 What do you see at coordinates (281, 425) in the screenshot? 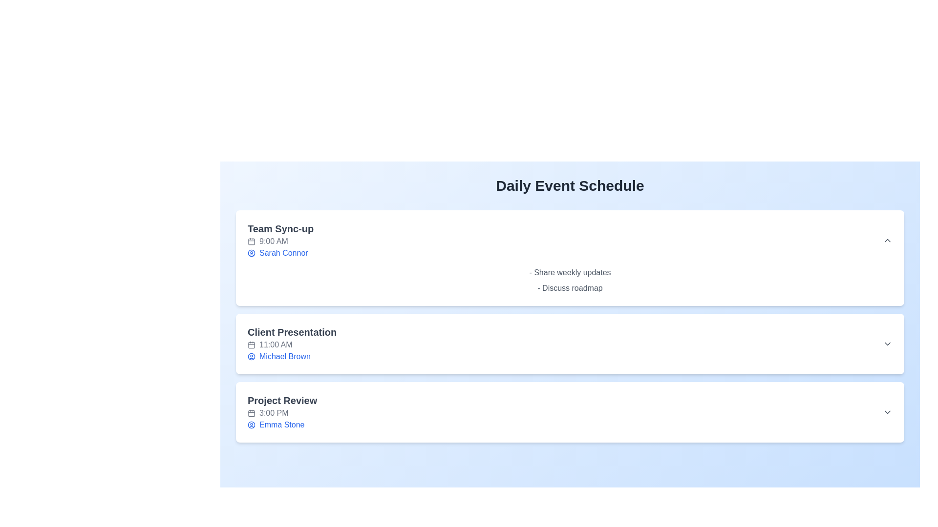
I see `the 'Emma Stone' label, which is styled as a clickable link and located in the 'Project Review' section of the 'Daily Event Schedule'` at bounding box center [281, 425].